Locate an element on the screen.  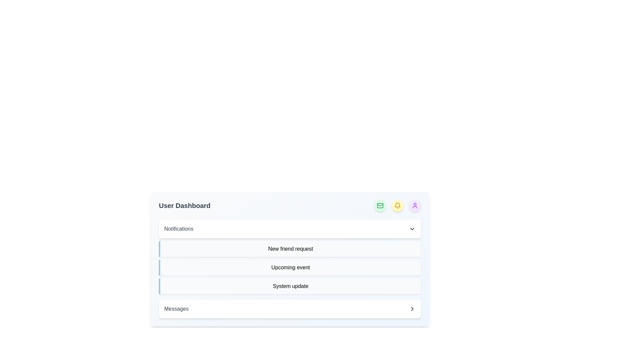
the inner detail resembling the flap of the envelope in the email icon located at the top-right corner of the user interface is located at coordinates (380, 204).